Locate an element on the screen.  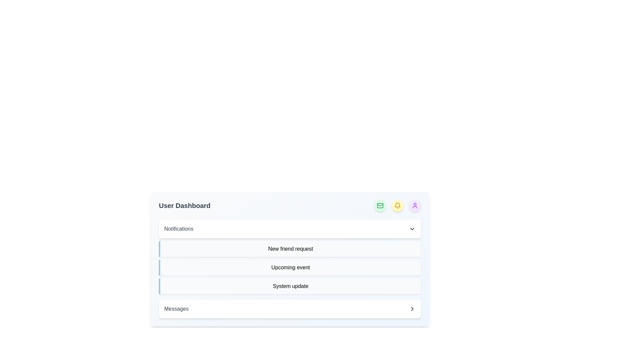
the inner detail resembling the flap of the envelope in the email icon located at the top-right corner of the user interface is located at coordinates (380, 204).